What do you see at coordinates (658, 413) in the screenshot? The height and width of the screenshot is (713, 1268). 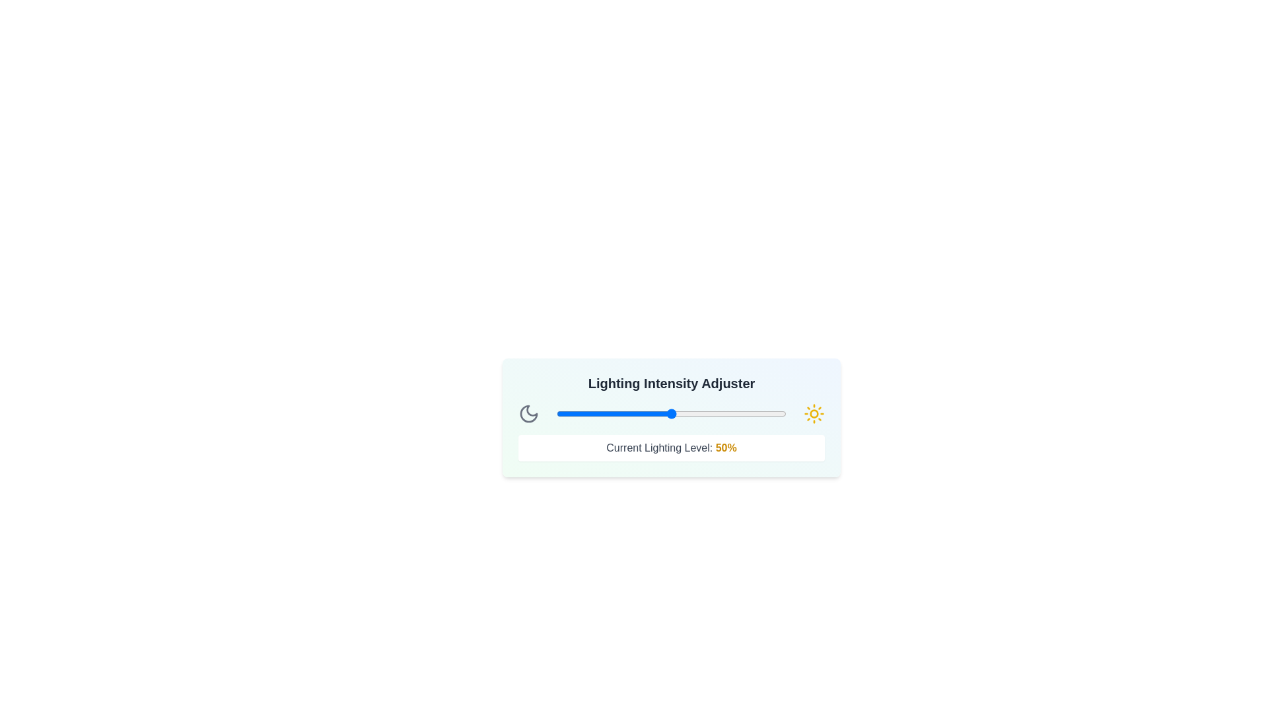 I see `the lighting intensity to 44% by interacting with the slider` at bounding box center [658, 413].